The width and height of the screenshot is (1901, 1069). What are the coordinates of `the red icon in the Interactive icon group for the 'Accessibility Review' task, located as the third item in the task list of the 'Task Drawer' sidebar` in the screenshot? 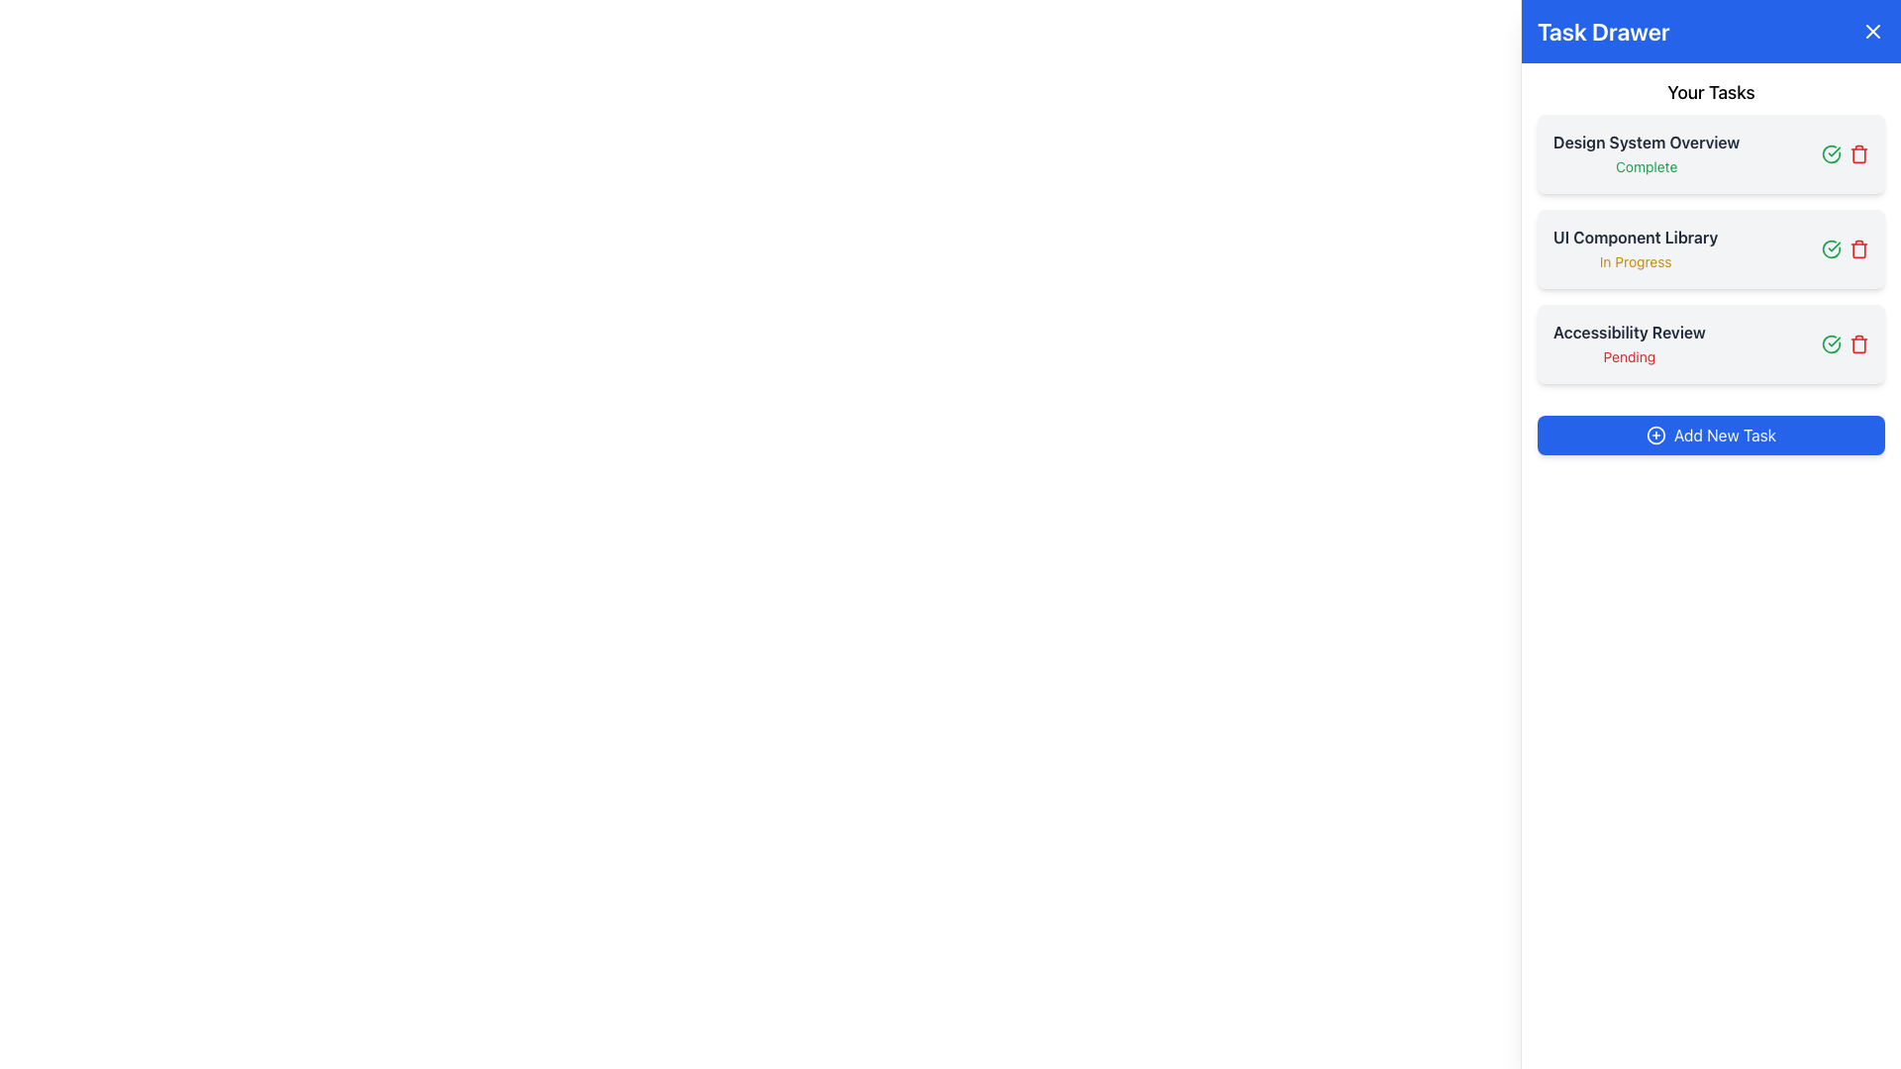 It's located at (1844, 342).